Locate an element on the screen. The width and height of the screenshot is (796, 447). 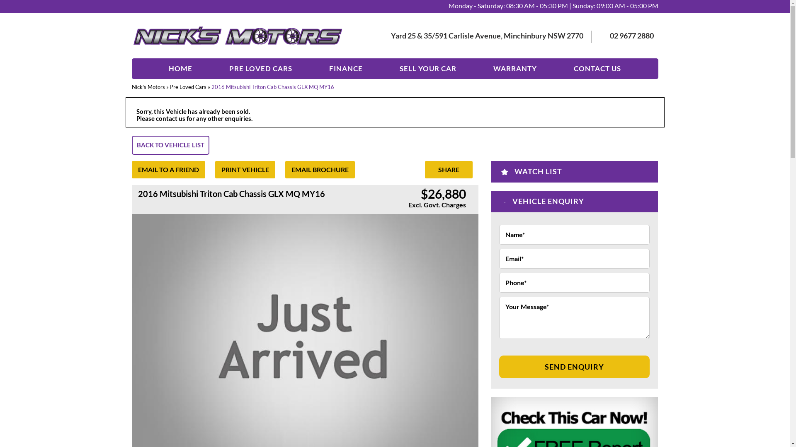
'WATCH LIST' is located at coordinates (574, 171).